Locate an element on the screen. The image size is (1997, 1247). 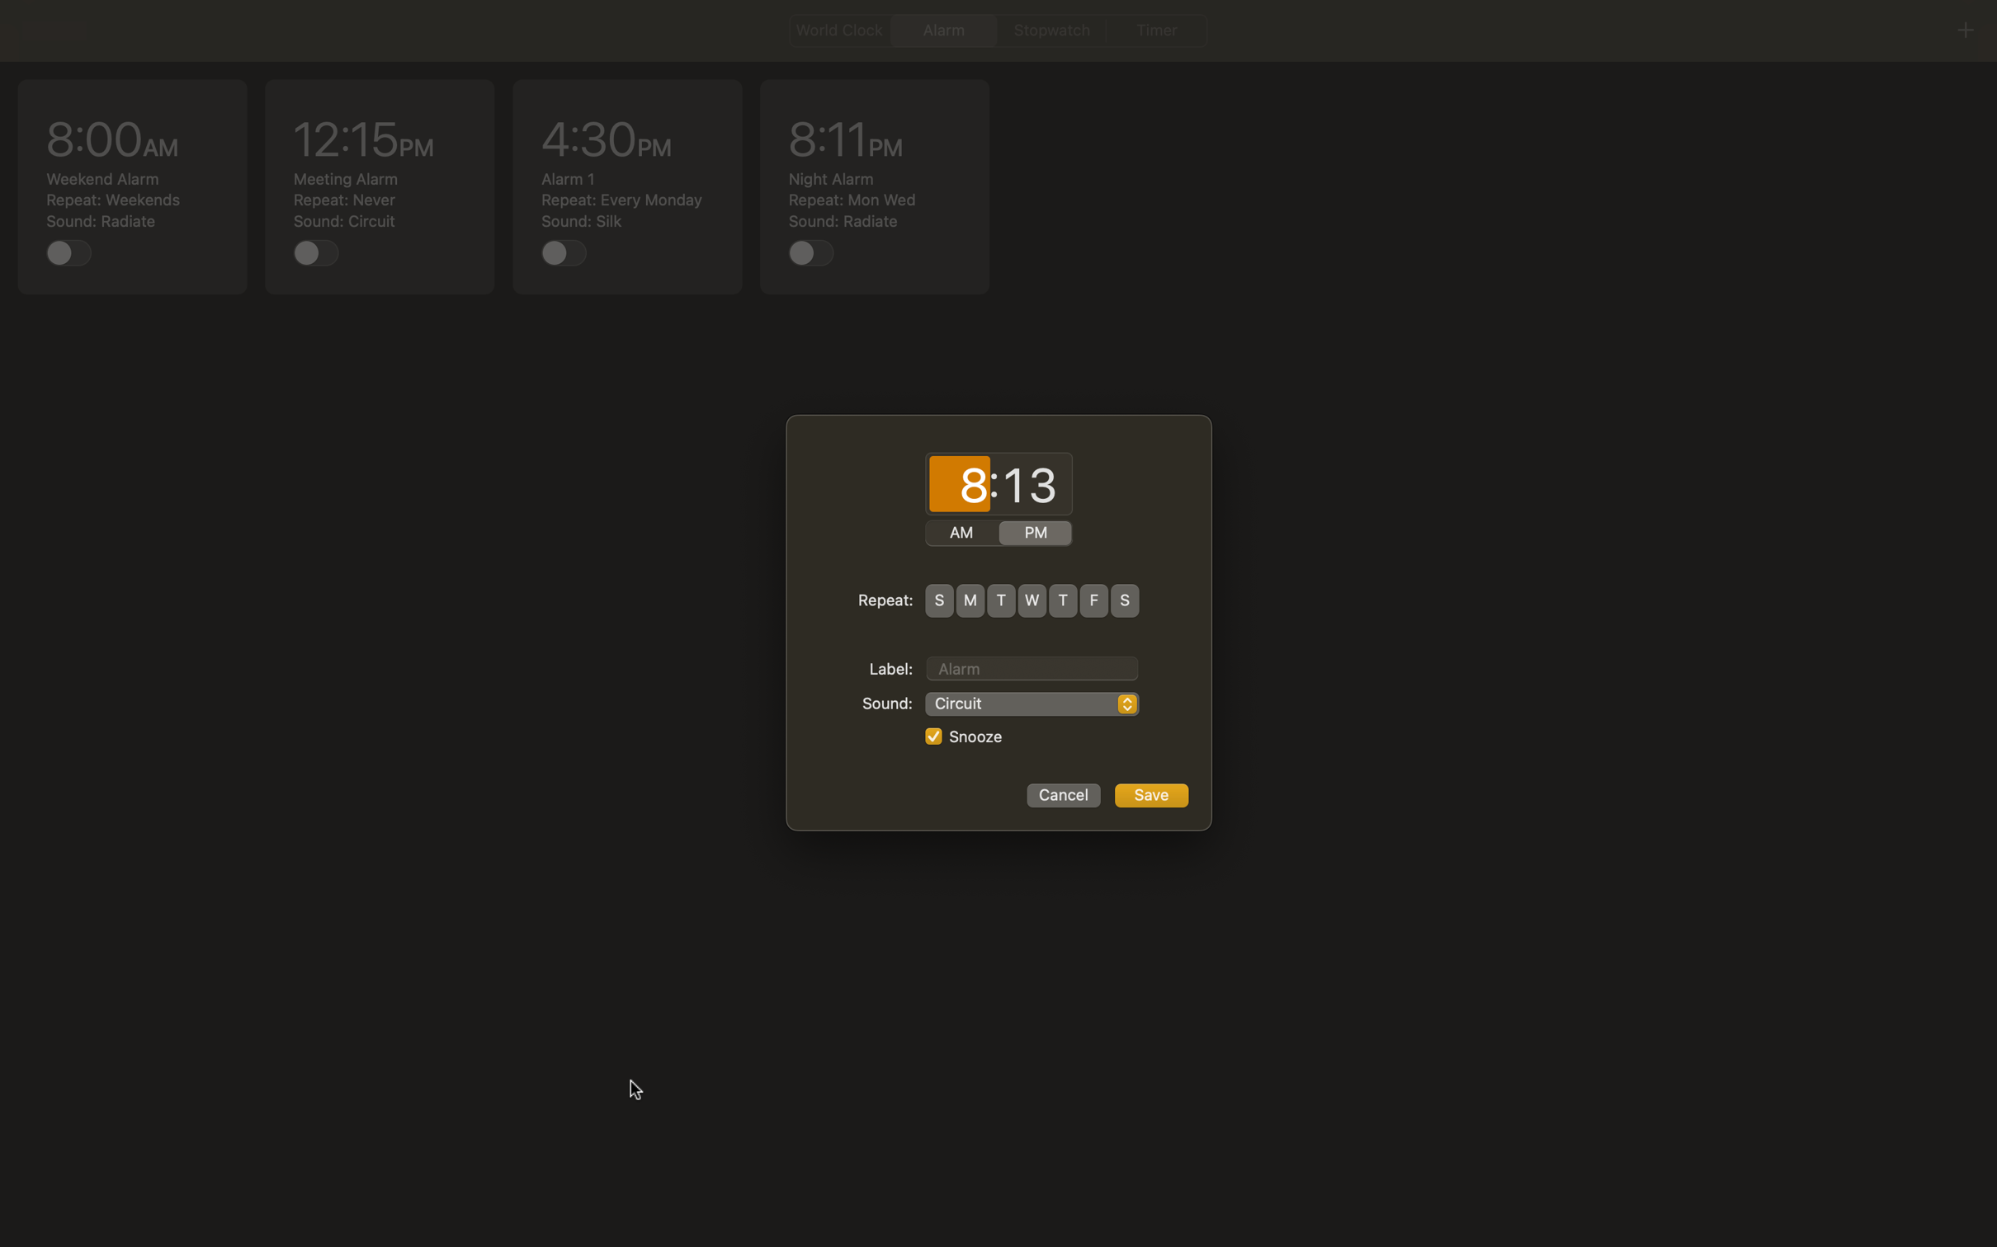
PM for time format is located at coordinates (1036, 534).